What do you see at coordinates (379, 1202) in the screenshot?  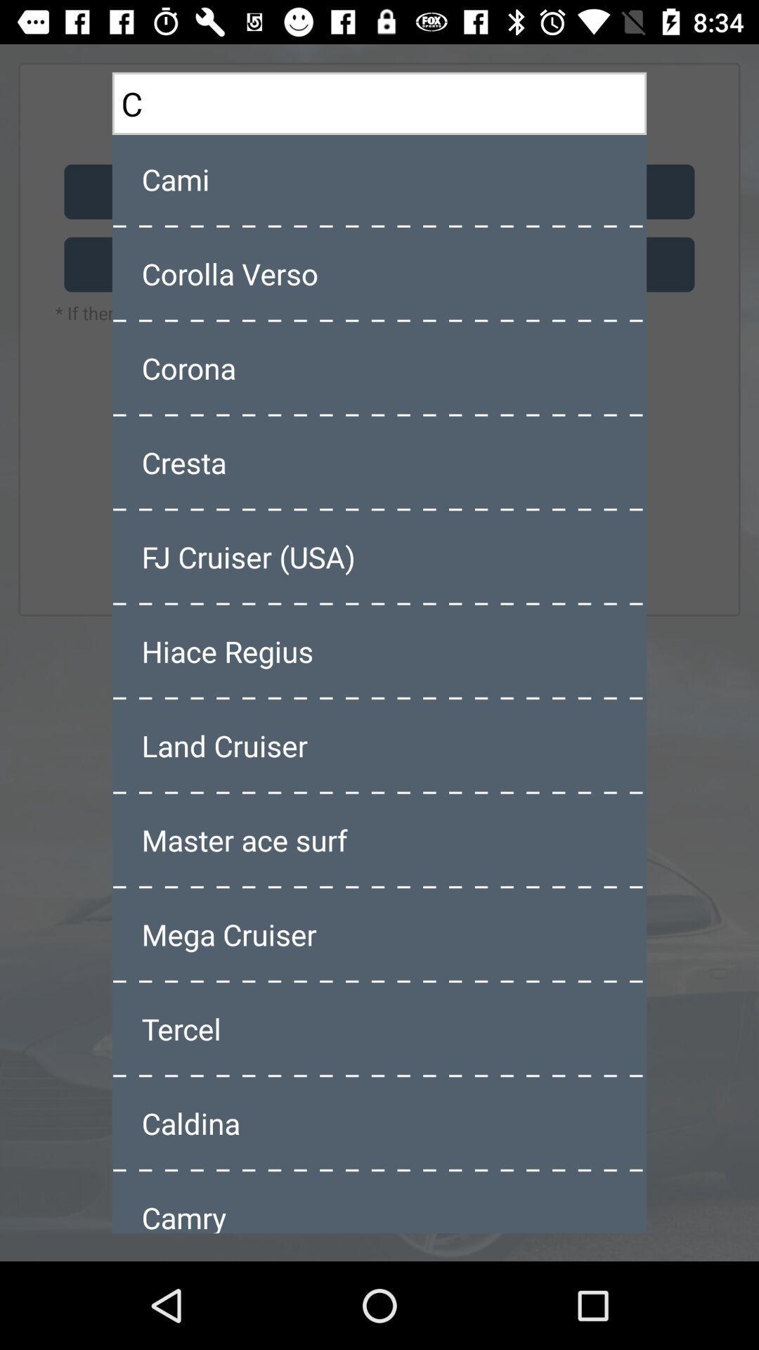 I see `camry item` at bounding box center [379, 1202].